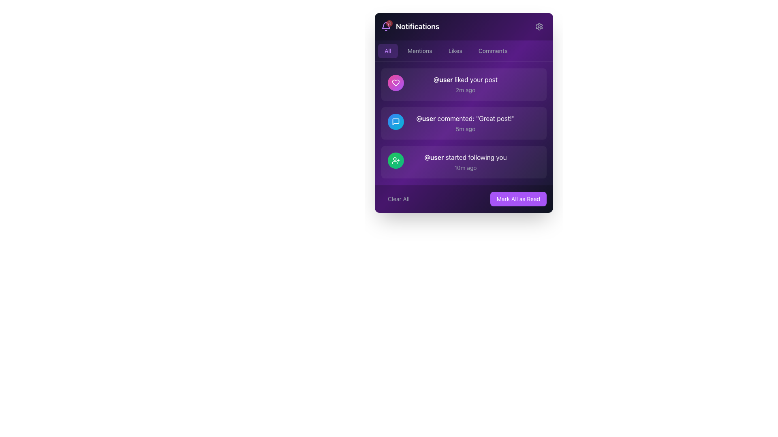 The height and width of the screenshot is (437, 778). I want to click on the text label that reads '@user liked your post', which is styled in white font on a purple background and is the first notification item in the stack, so click(465, 79).